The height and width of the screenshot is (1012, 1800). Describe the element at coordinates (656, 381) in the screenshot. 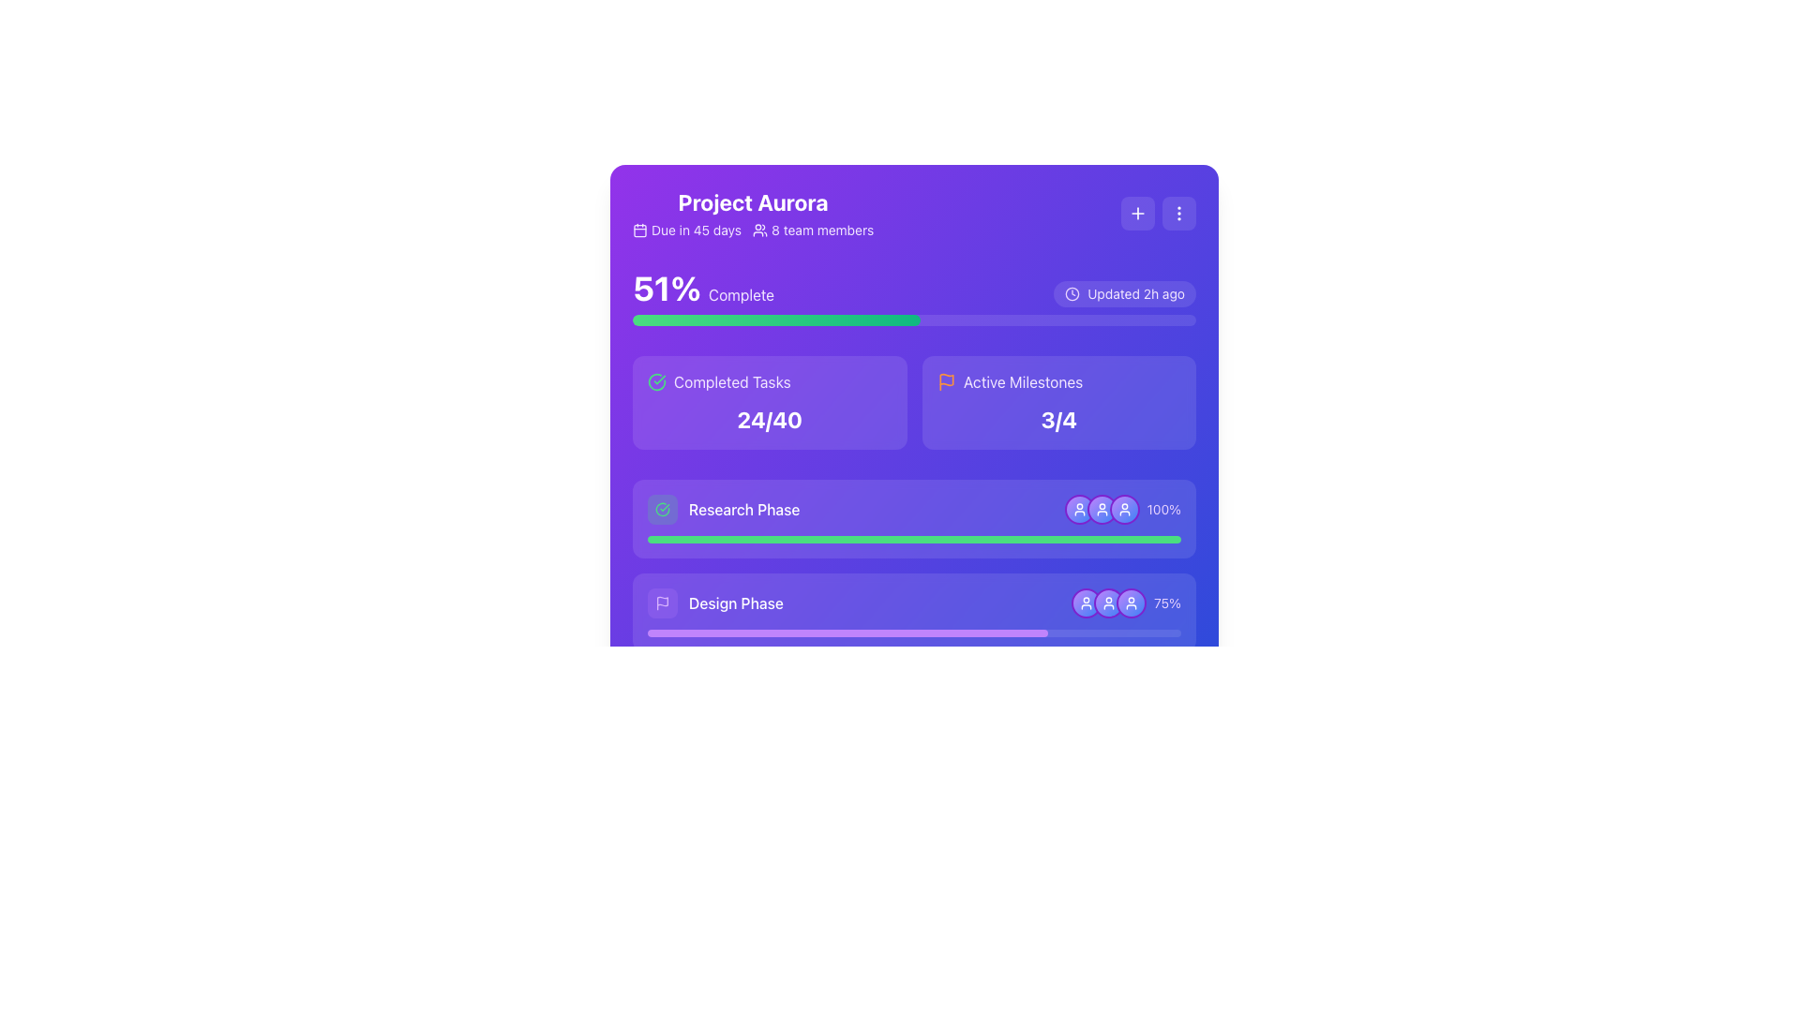

I see `the completion status icon located to the left of the 'Completed Tasks' text within the purple card in the top section of the interface` at that location.